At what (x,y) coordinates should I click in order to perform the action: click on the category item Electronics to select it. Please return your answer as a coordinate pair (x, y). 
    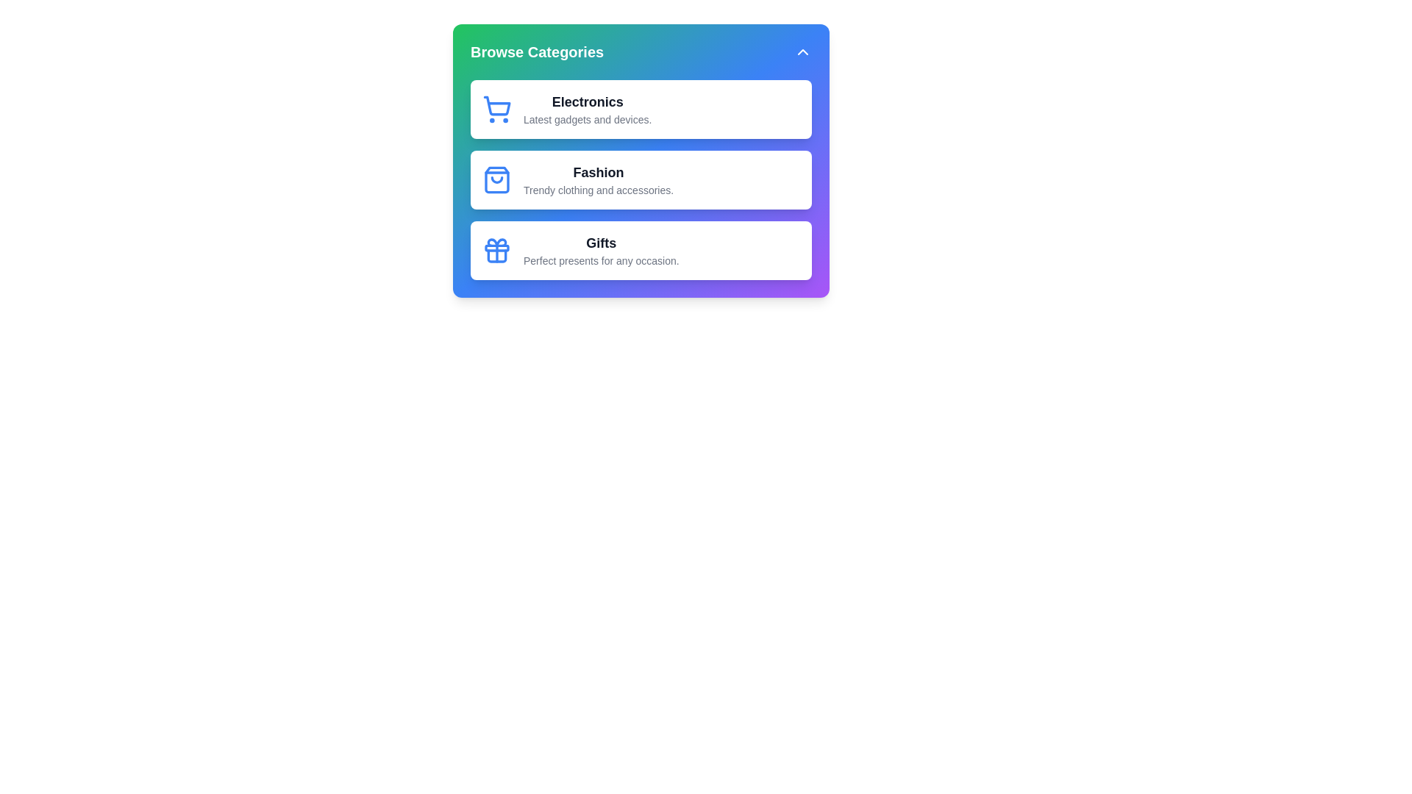
    Looking at the image, I should click on (641, 109).